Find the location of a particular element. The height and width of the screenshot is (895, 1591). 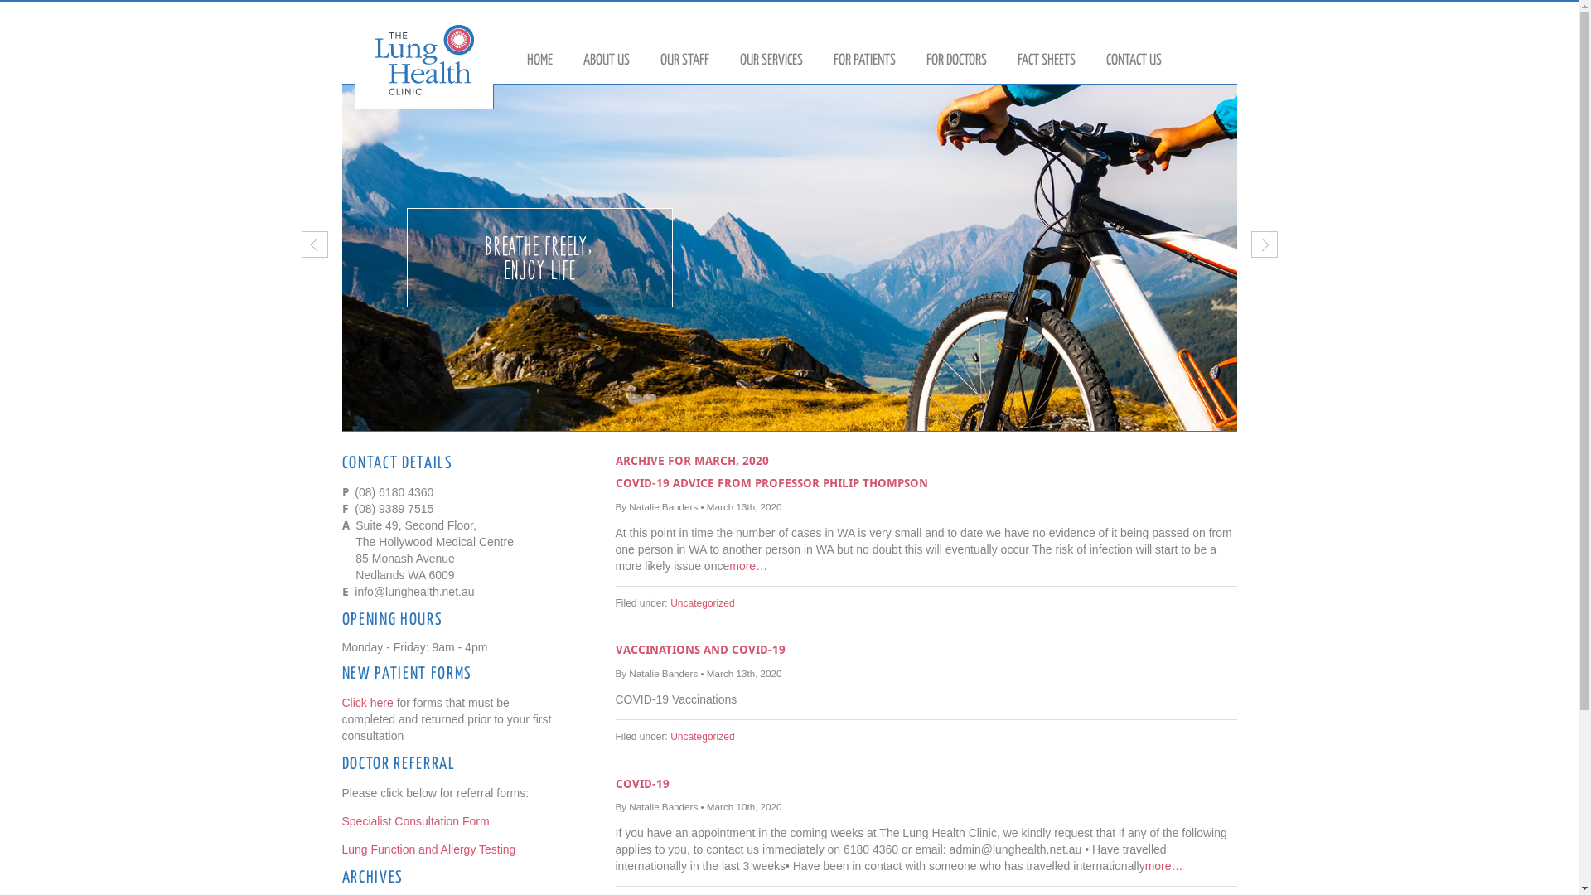

'Lung Function and Allergy Testing' is located at coordinates (341, 849).